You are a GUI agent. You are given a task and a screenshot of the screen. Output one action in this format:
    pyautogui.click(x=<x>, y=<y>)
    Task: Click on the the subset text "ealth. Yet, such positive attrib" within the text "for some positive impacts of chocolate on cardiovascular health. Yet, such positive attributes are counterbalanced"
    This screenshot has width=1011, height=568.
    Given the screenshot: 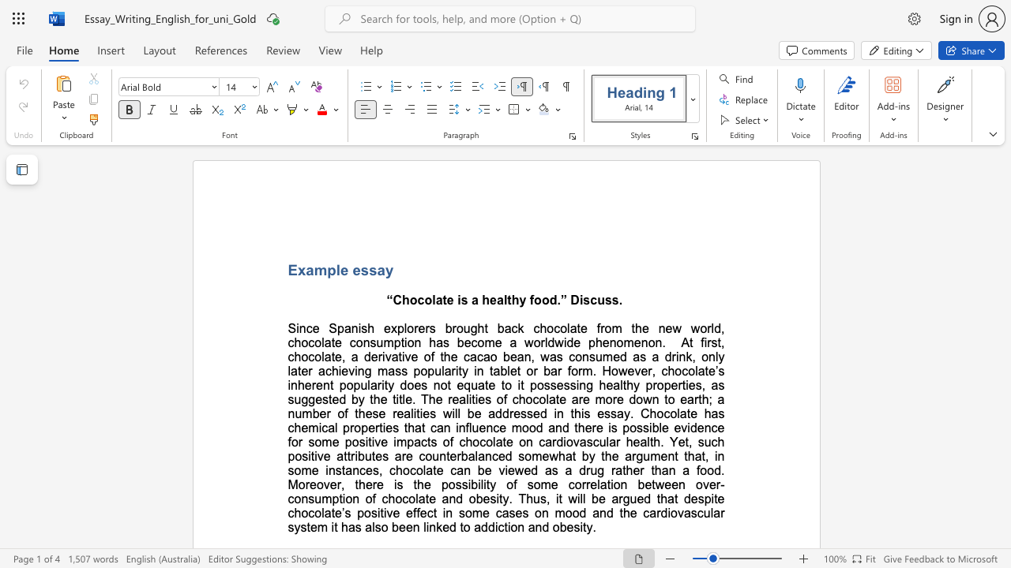 What is the action you would take?
    pyautogui.click(x=633, y=442)
    